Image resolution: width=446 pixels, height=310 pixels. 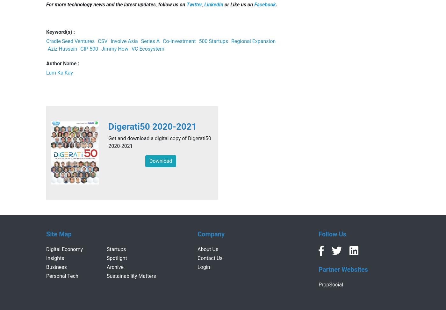 I want to click on 'Digital Economy', so click(x=64, y=249).